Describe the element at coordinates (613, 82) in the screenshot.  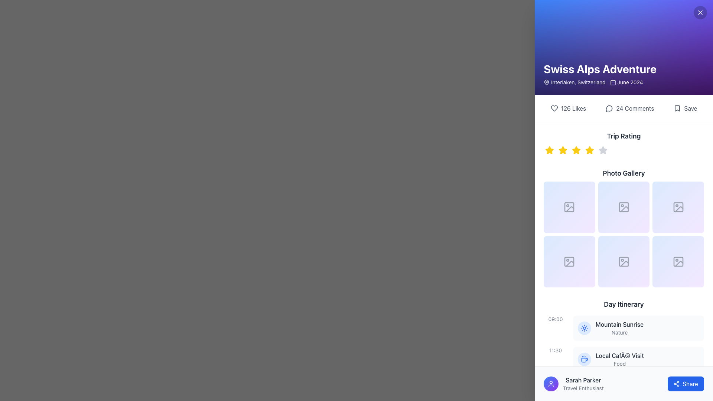
I see `the small square icon with rounded corners that is part of the calendar icon interface` at that location.